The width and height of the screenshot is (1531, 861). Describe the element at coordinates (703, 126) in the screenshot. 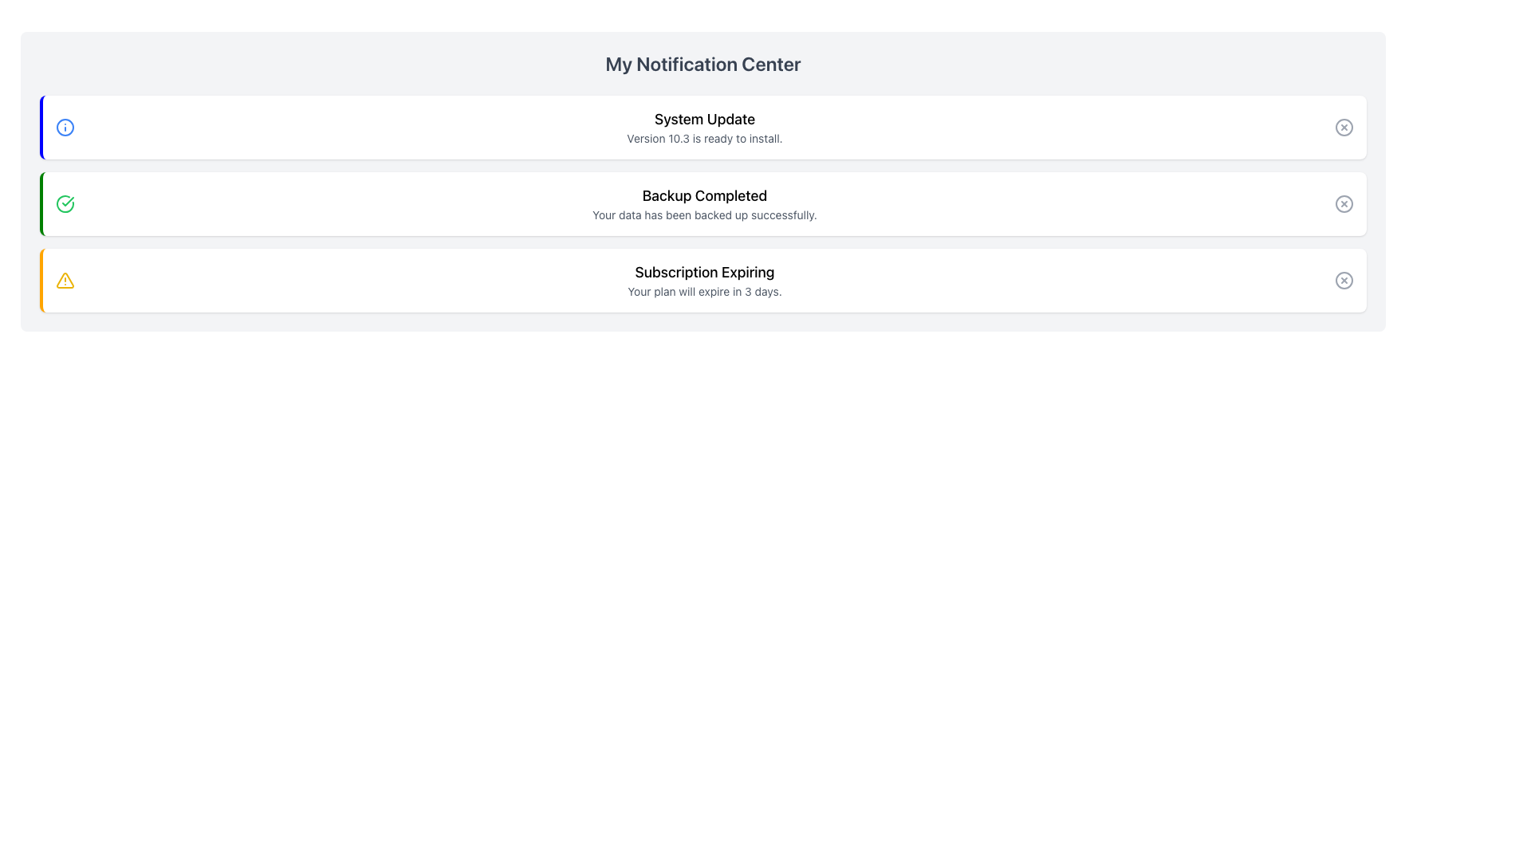

I see `the text label that provides information about a system update, located at the center of the first section in the notification list` at that location.